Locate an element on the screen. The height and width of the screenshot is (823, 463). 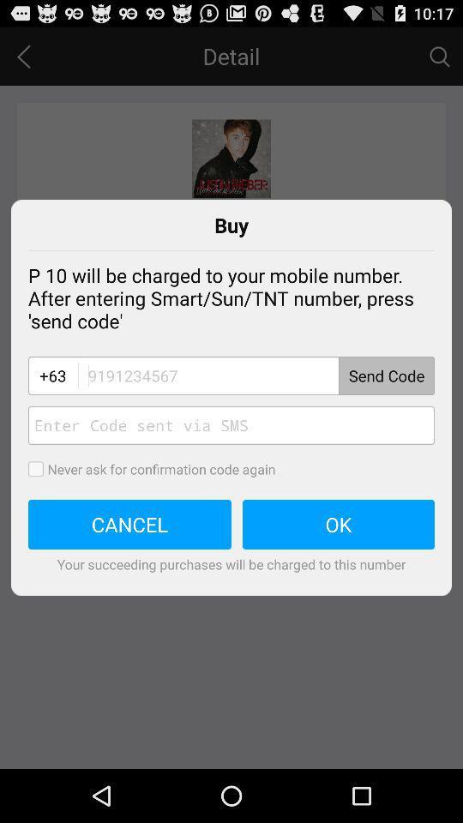
cancel is located at coordinates (129, 524).